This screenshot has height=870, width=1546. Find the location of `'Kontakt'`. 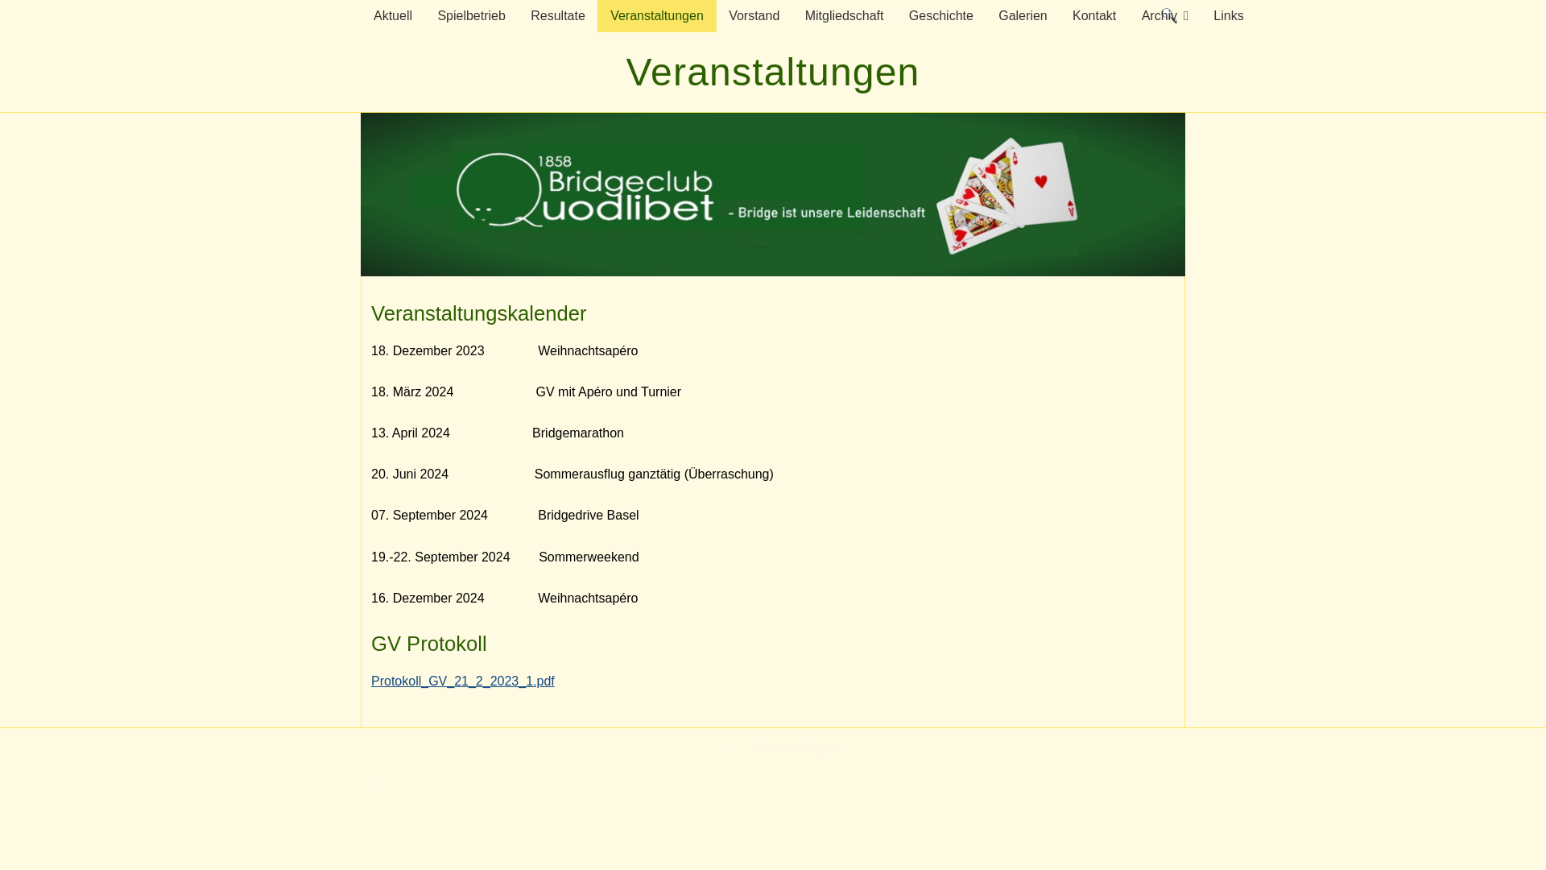

'Kontakt' is located at coordinates (1093, 15).